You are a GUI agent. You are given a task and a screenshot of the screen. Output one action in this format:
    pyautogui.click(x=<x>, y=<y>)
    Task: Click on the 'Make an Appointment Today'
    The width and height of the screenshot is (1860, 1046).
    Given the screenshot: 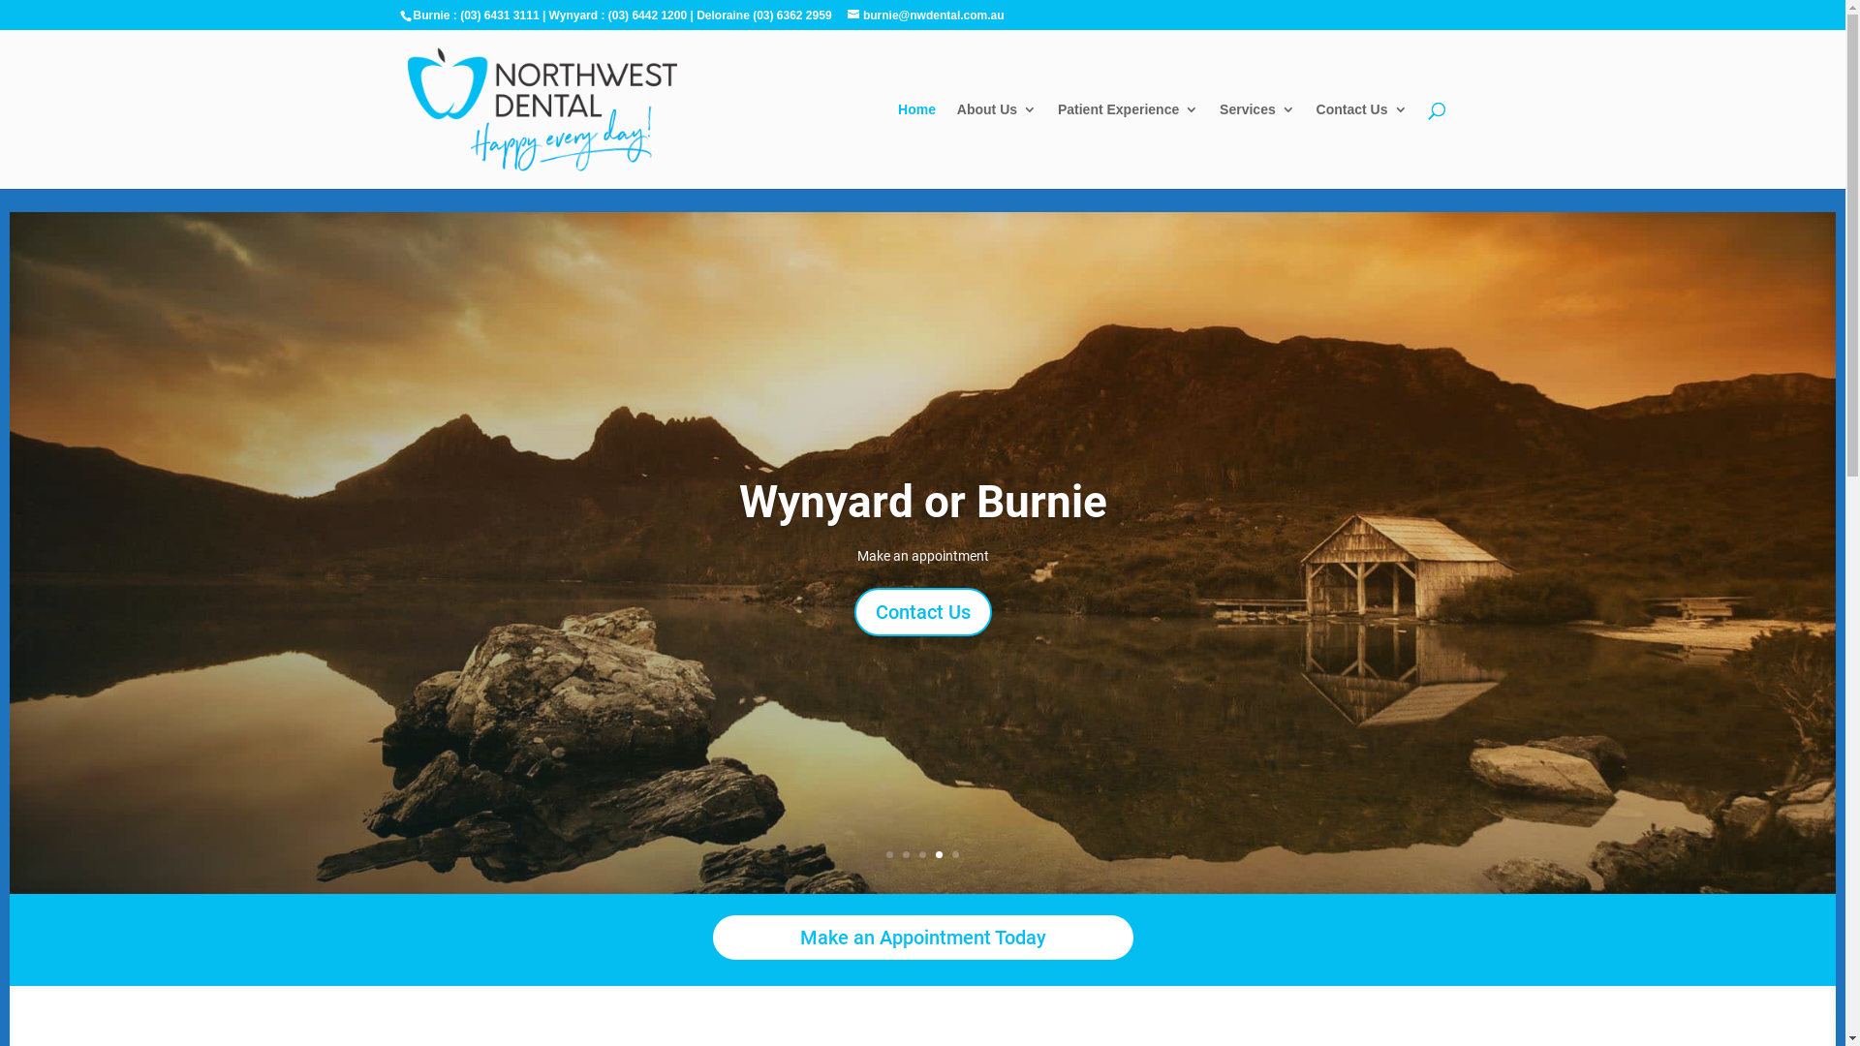 What is the action you would take?
    pyautogui.click(x=922, y=937)
    